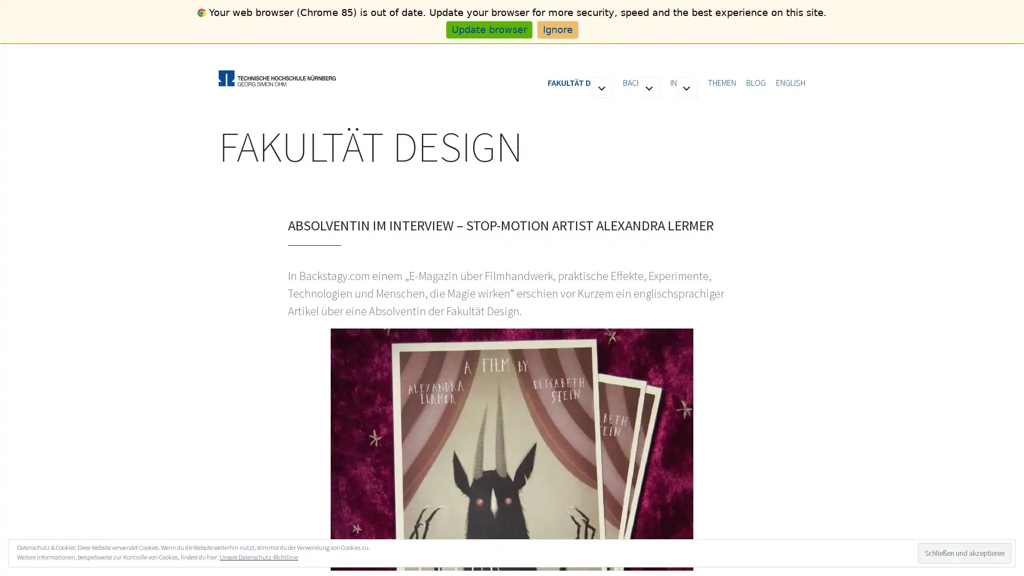 This screenshot has height=576, width=1024. What do you see at coordinates (557, 29) in the screenshot?
I see `Ignore` at bounding box center [557, 29].